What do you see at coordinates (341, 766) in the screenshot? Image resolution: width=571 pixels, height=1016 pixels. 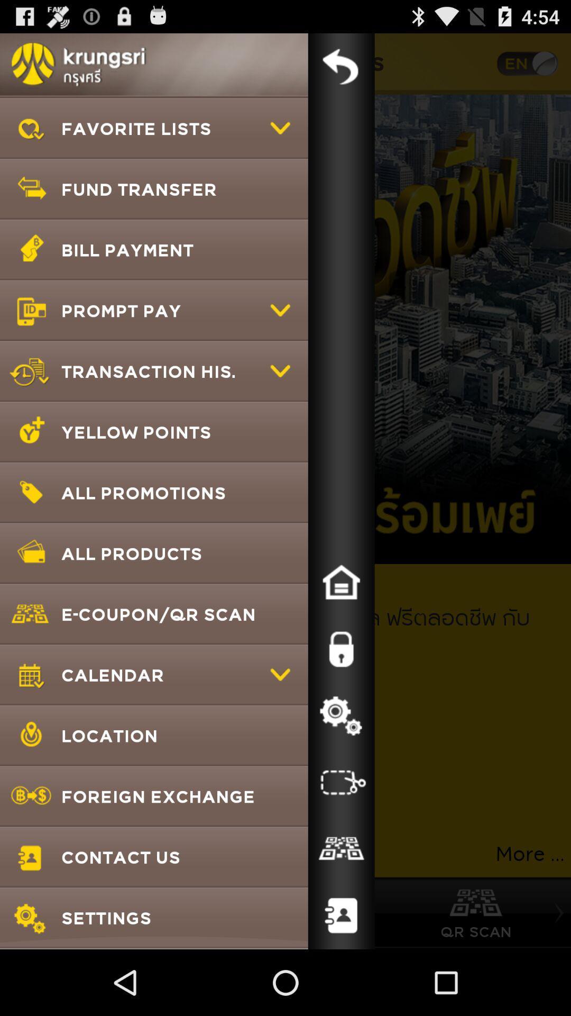 I see `the settings icon` at bounding box center [341, 766].